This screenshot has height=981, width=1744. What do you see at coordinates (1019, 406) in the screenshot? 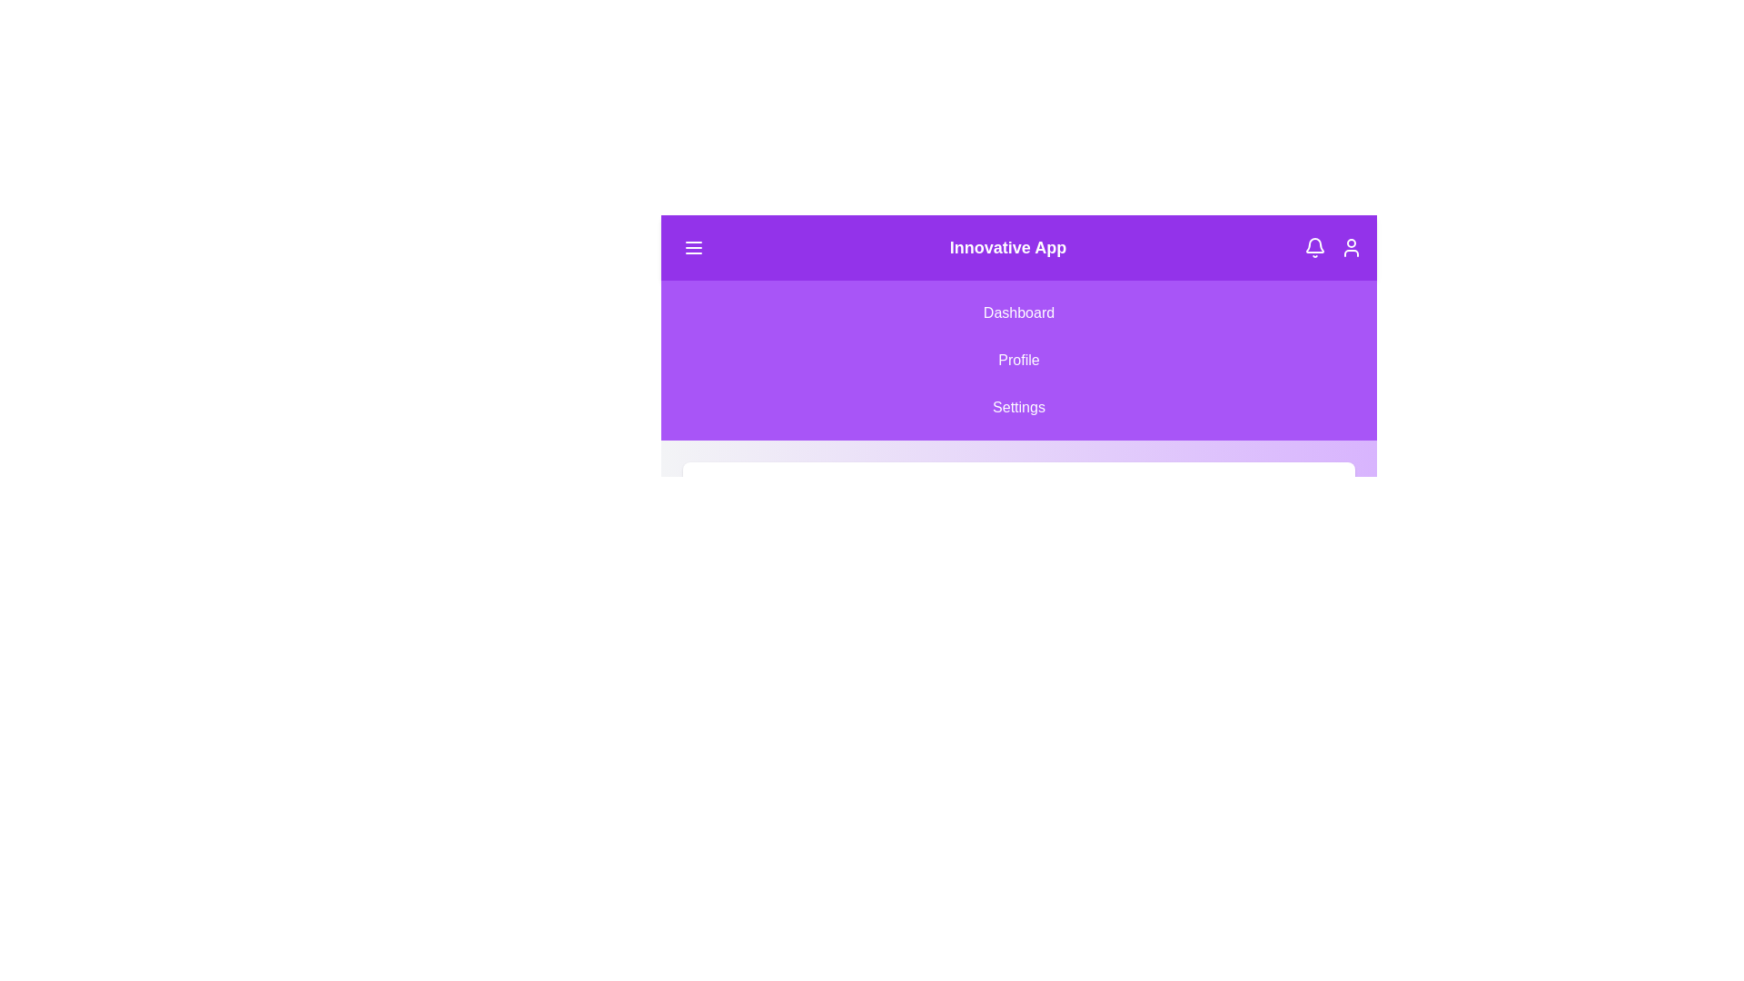
I see `the Settings from the navigation menu` at bounding box center [1019, 406].